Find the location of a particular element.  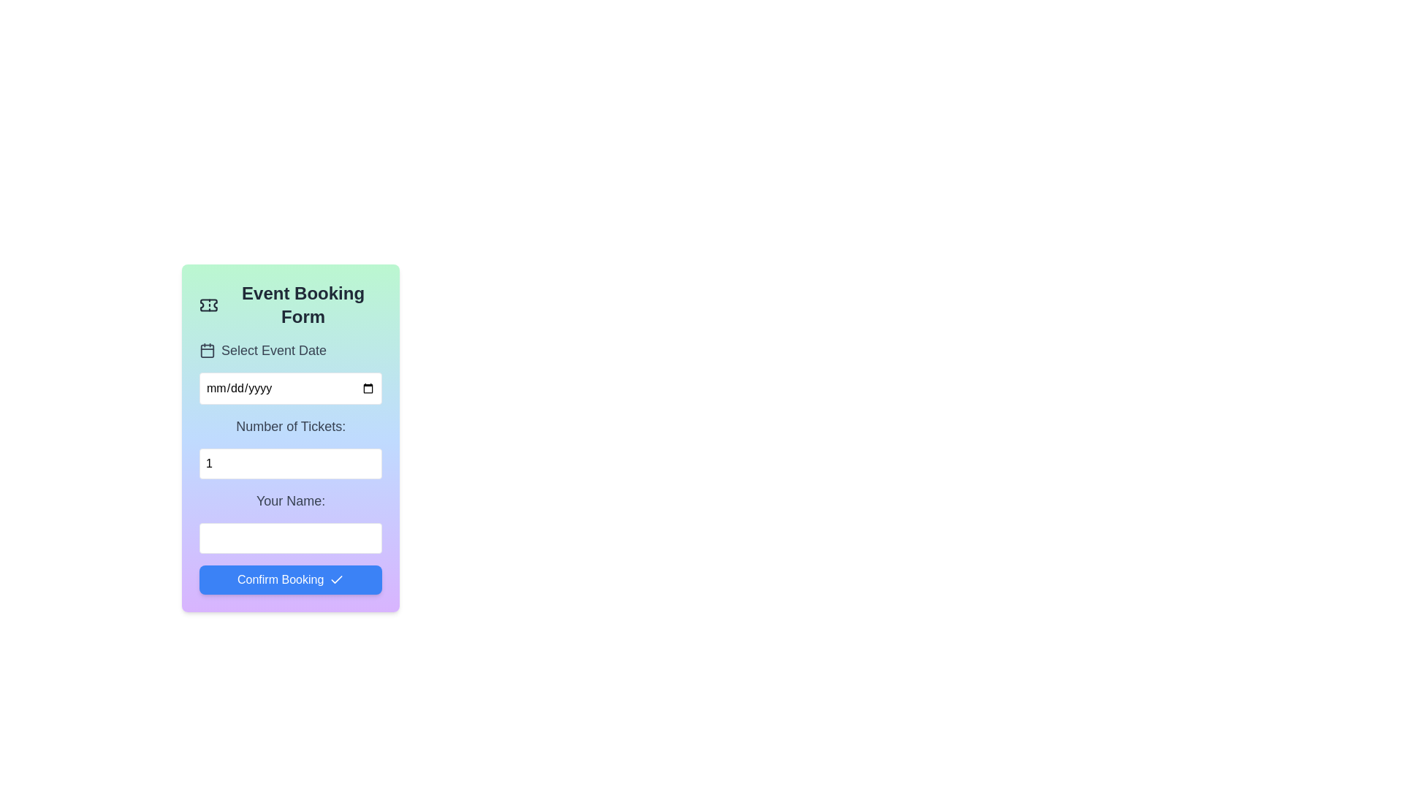

the static label text that states 'Number of Tickets:', which is styled with a large font size and gray color, located above the 'Number of Tickets' input field is located at coordinates (291, 426).